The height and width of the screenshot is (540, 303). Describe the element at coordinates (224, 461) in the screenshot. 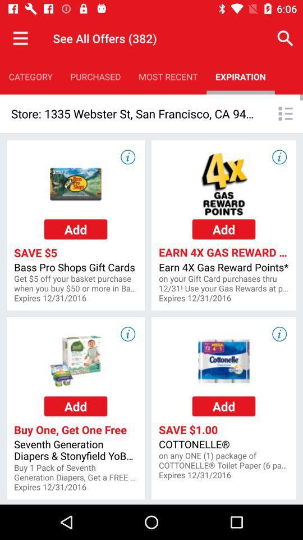

I see `the app to the right of seventh generation diapers item` at that location.